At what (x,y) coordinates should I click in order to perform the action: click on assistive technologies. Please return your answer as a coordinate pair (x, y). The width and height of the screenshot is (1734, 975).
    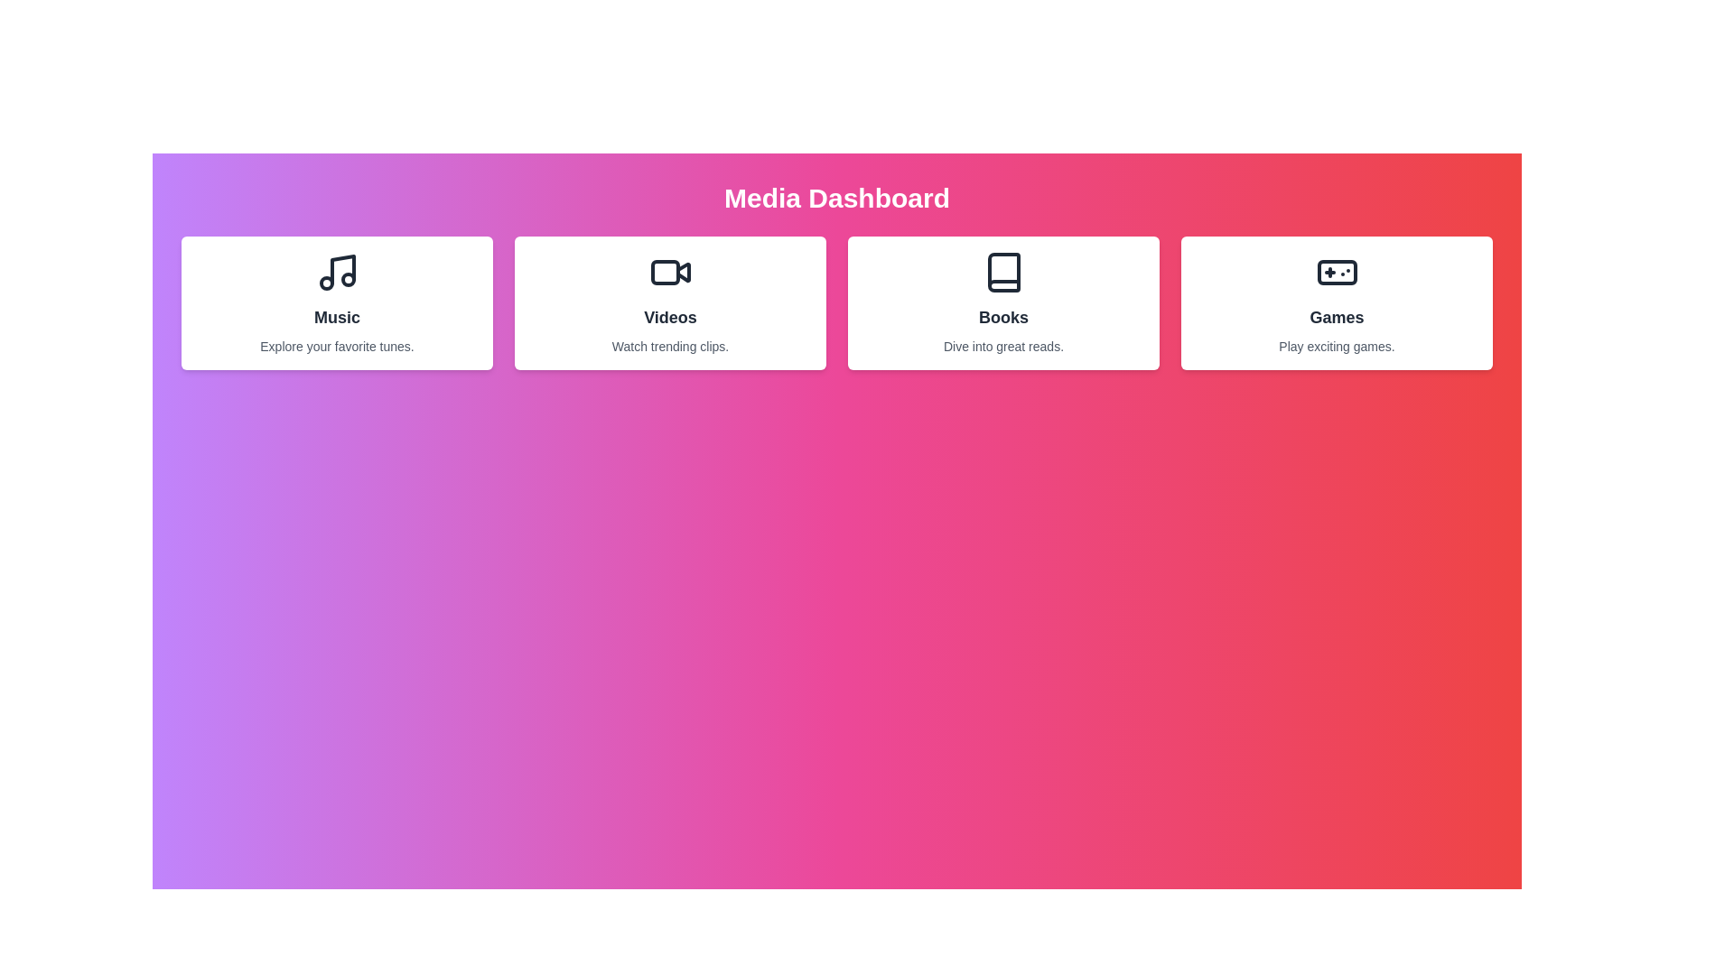
    Looking at the image, I should click on (1002, 272).